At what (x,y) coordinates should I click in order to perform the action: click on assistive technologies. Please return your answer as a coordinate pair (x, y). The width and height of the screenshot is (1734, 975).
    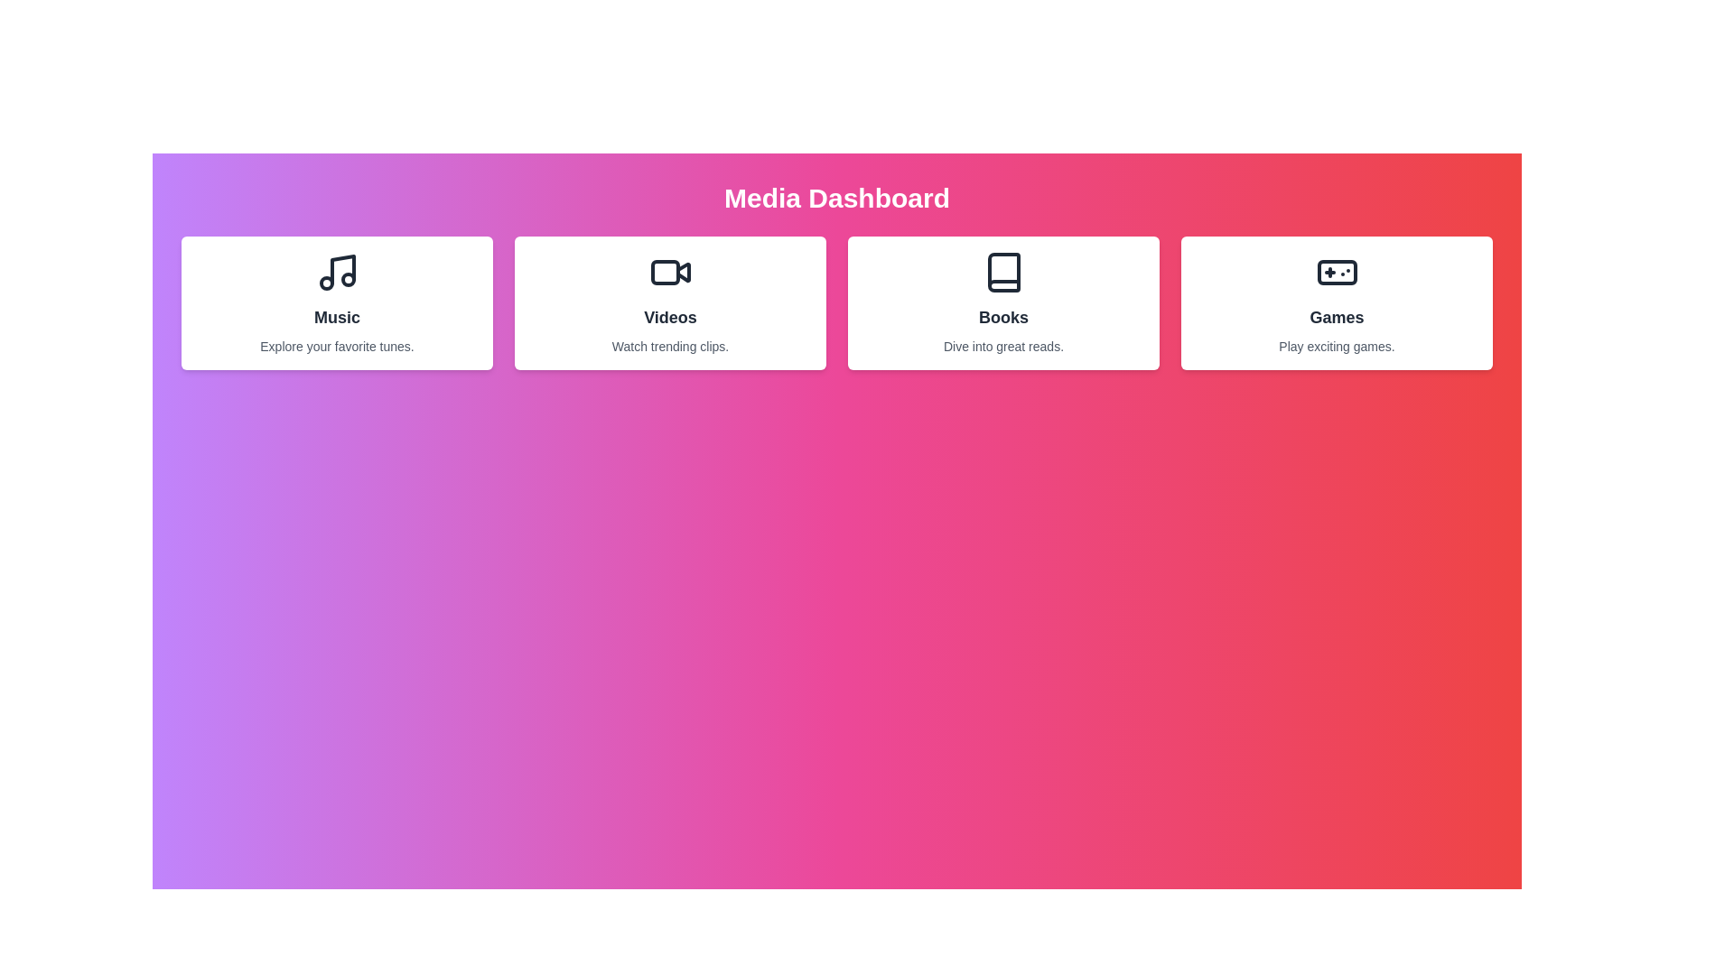
    Looking at the image, I should click on (1002, 272).